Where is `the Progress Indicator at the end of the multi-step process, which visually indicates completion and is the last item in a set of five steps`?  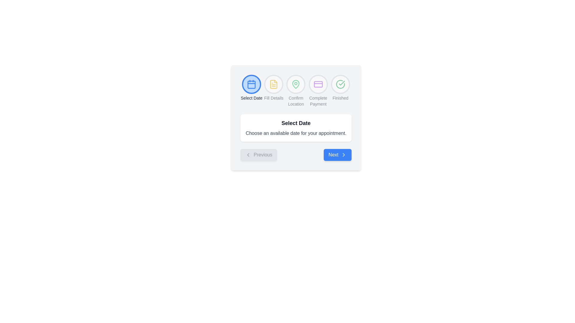 the Progress Indicator at the end of the multi-step process, which visually indicates completion and is the last item in a set of five steps is located at coordinates (340, 91).